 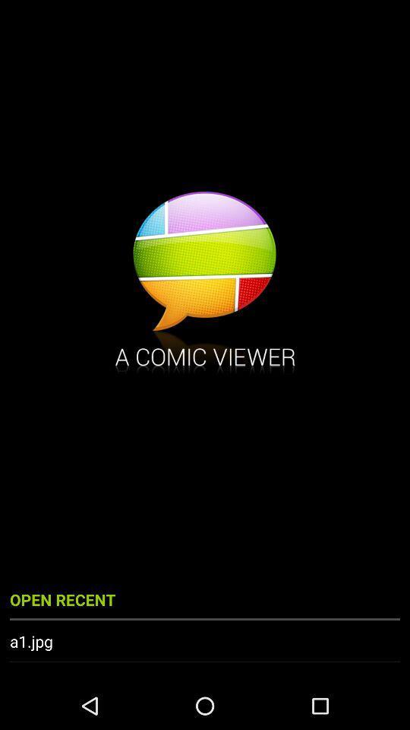 I want to click on icon above open recent, so click(x=205, y=284).